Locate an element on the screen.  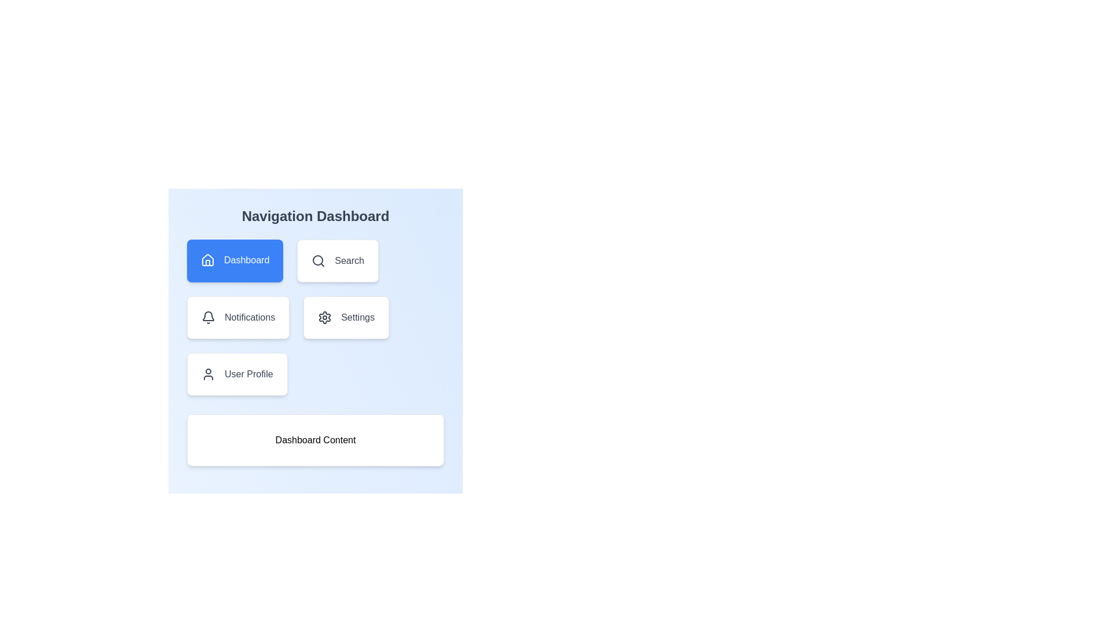
the navigation button in the second row, first column of the grid-style layout in the 'Navigation Dashboard' is located at coordinates (237, 317).